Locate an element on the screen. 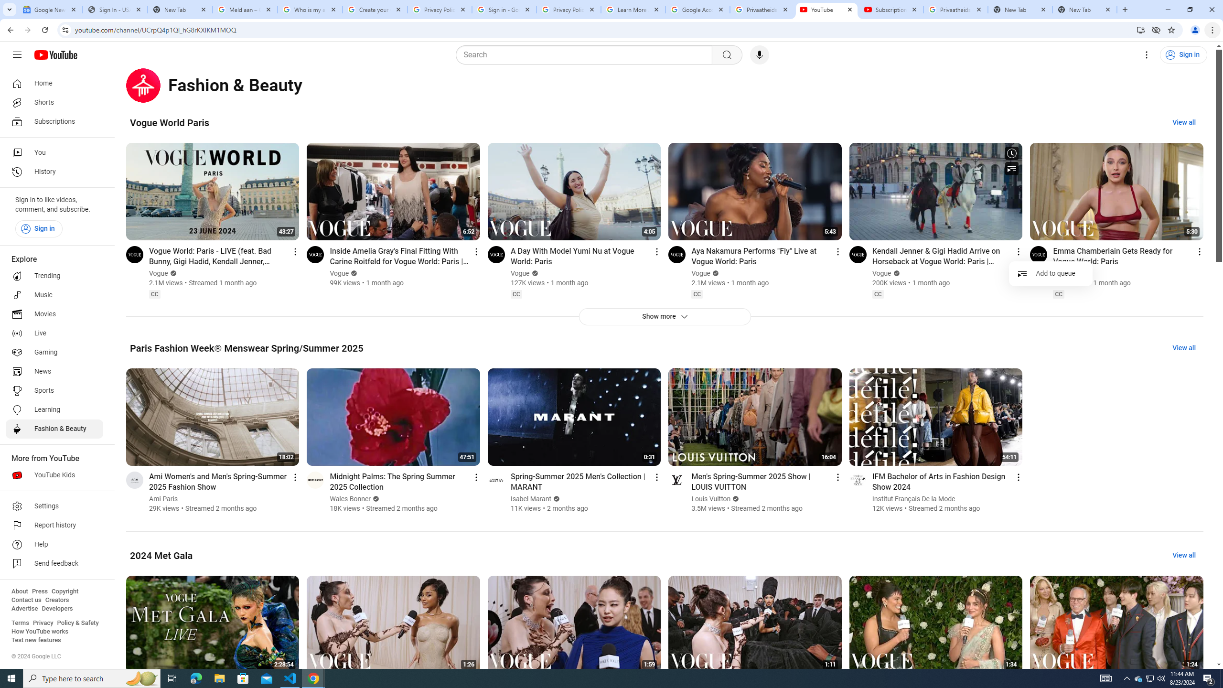 Image resolution: width=1223 pixels, height=688 pixels. 'News' is located at coordinates (54, 371).